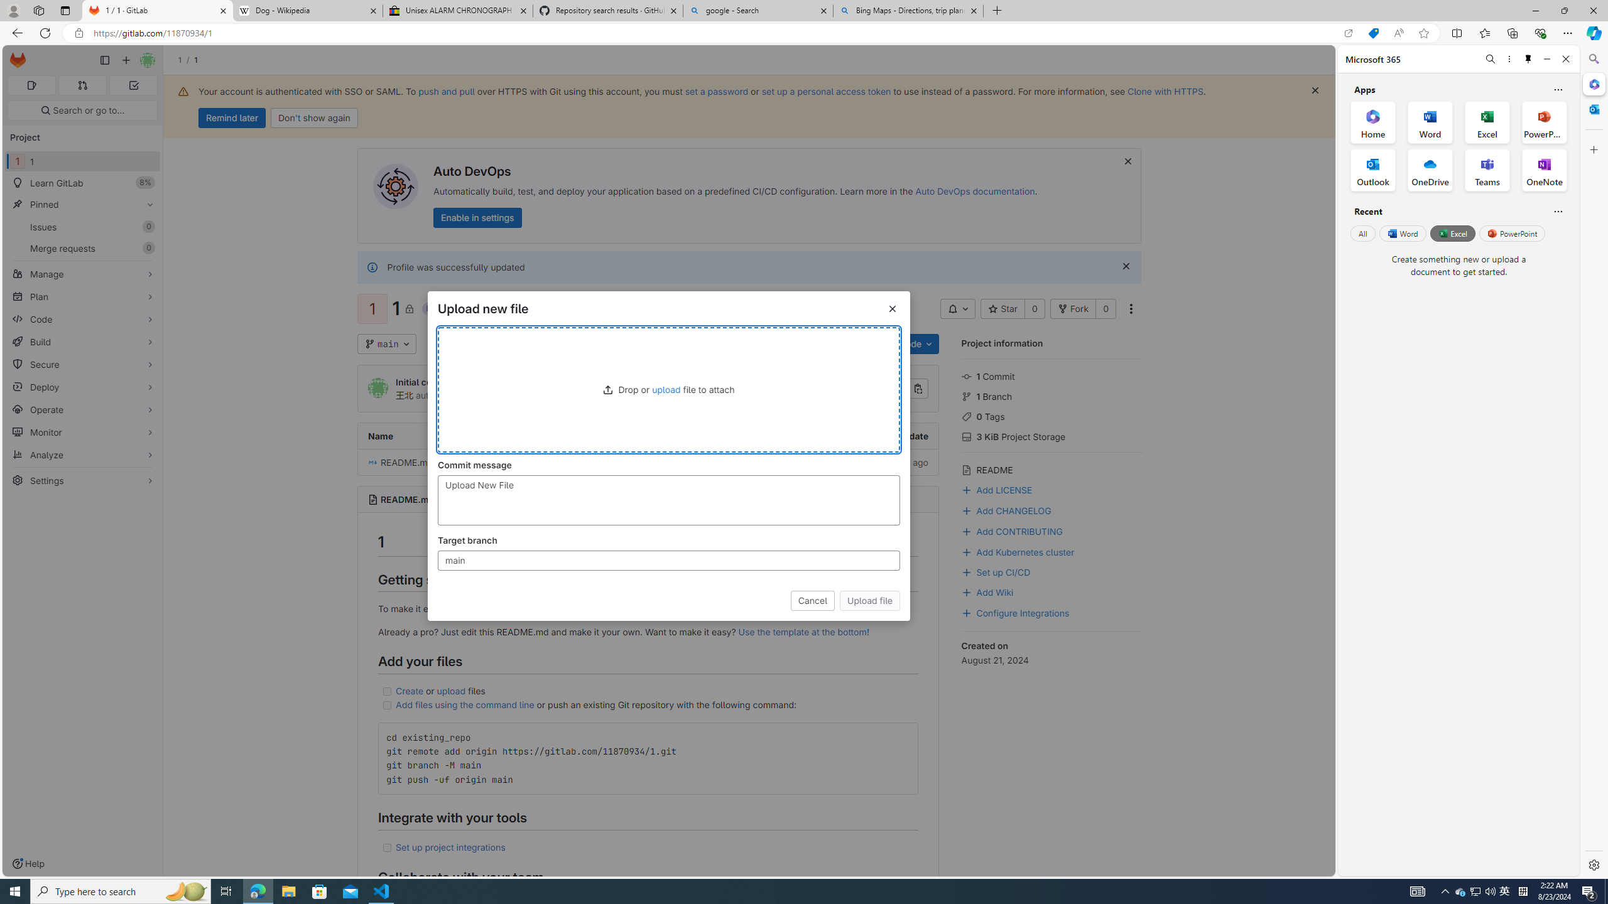 This screenshot has height=904, width=1608. Describe the element at coordinates (668, 389) in the screenshot. I see `'Drop or upload file to attach'` at that location.